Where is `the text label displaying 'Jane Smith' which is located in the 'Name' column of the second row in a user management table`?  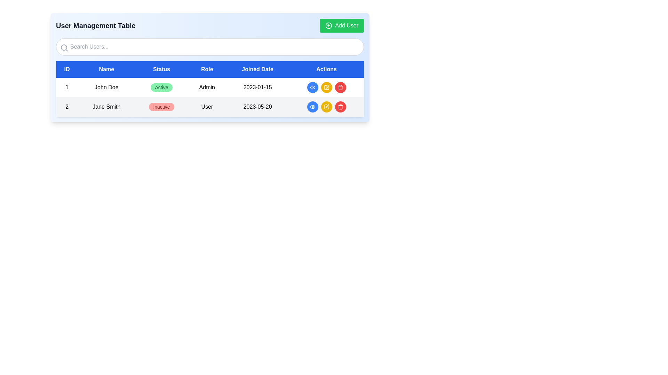 the text label displaying 'Jane Smith' which is located in the 'Name' column of the second row in a user management table is located at coordinates (106, 107).